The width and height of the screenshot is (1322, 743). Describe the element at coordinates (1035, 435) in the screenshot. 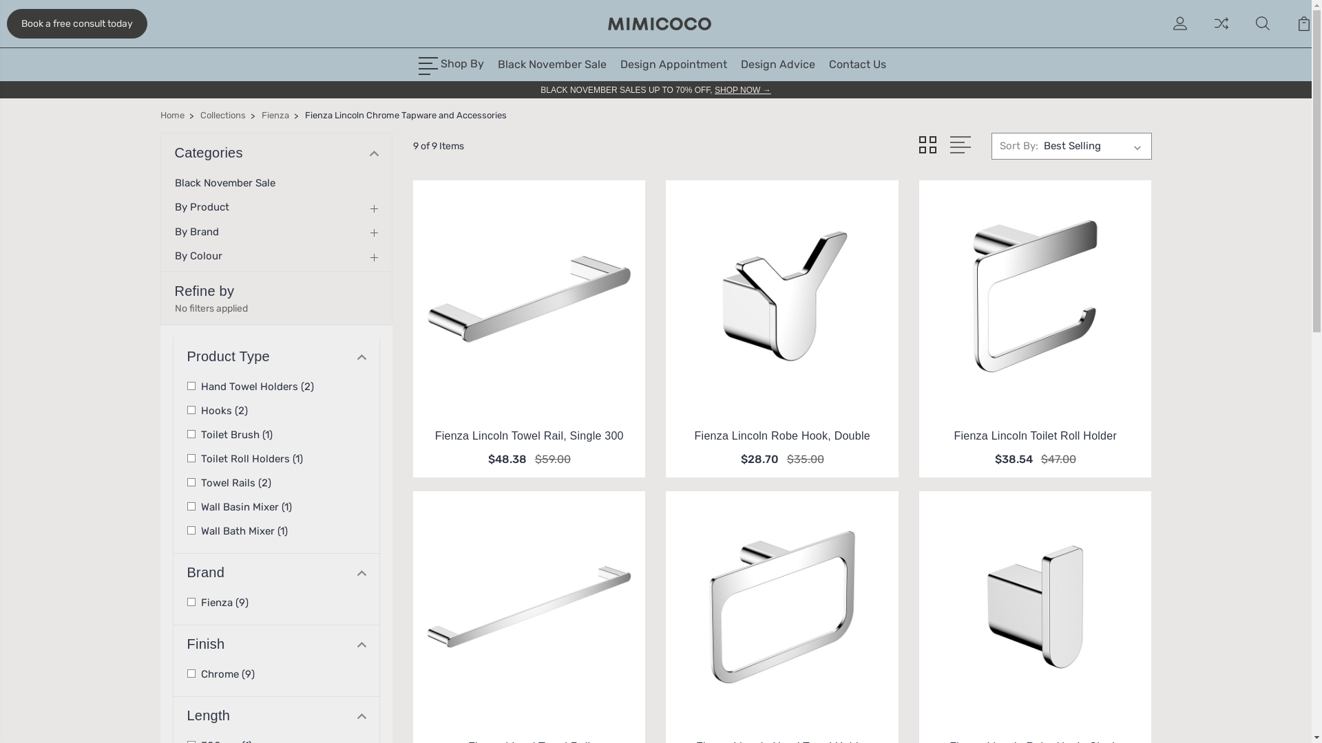

I see `'Fienza Lincoln Toilet Roll Holder'` at that location.